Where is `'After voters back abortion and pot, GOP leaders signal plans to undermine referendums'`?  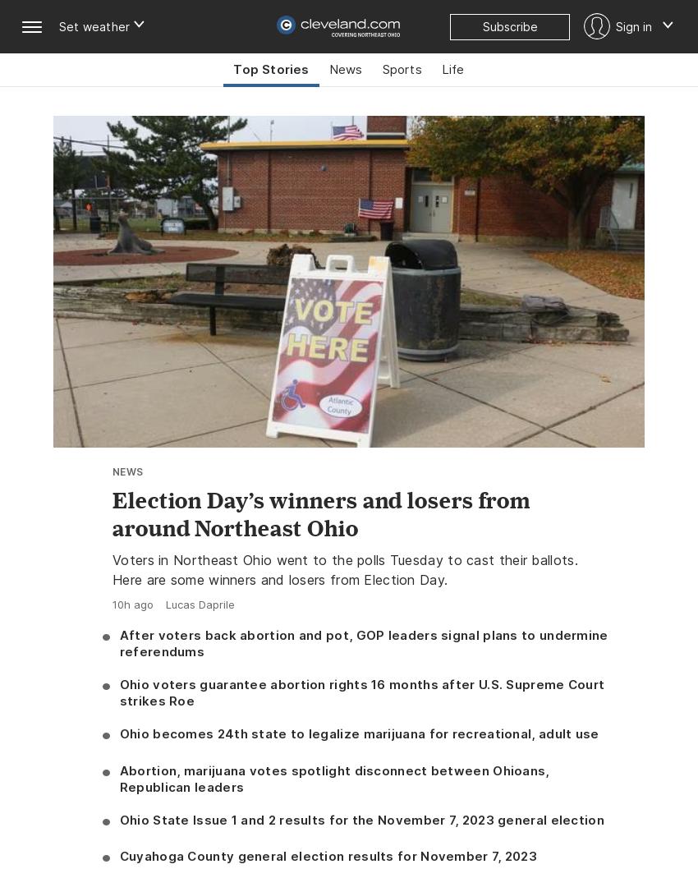 'After voters back abortion and pot, GOP leaders signal plans to undermine referendums' is located at coordinates (362, 643).